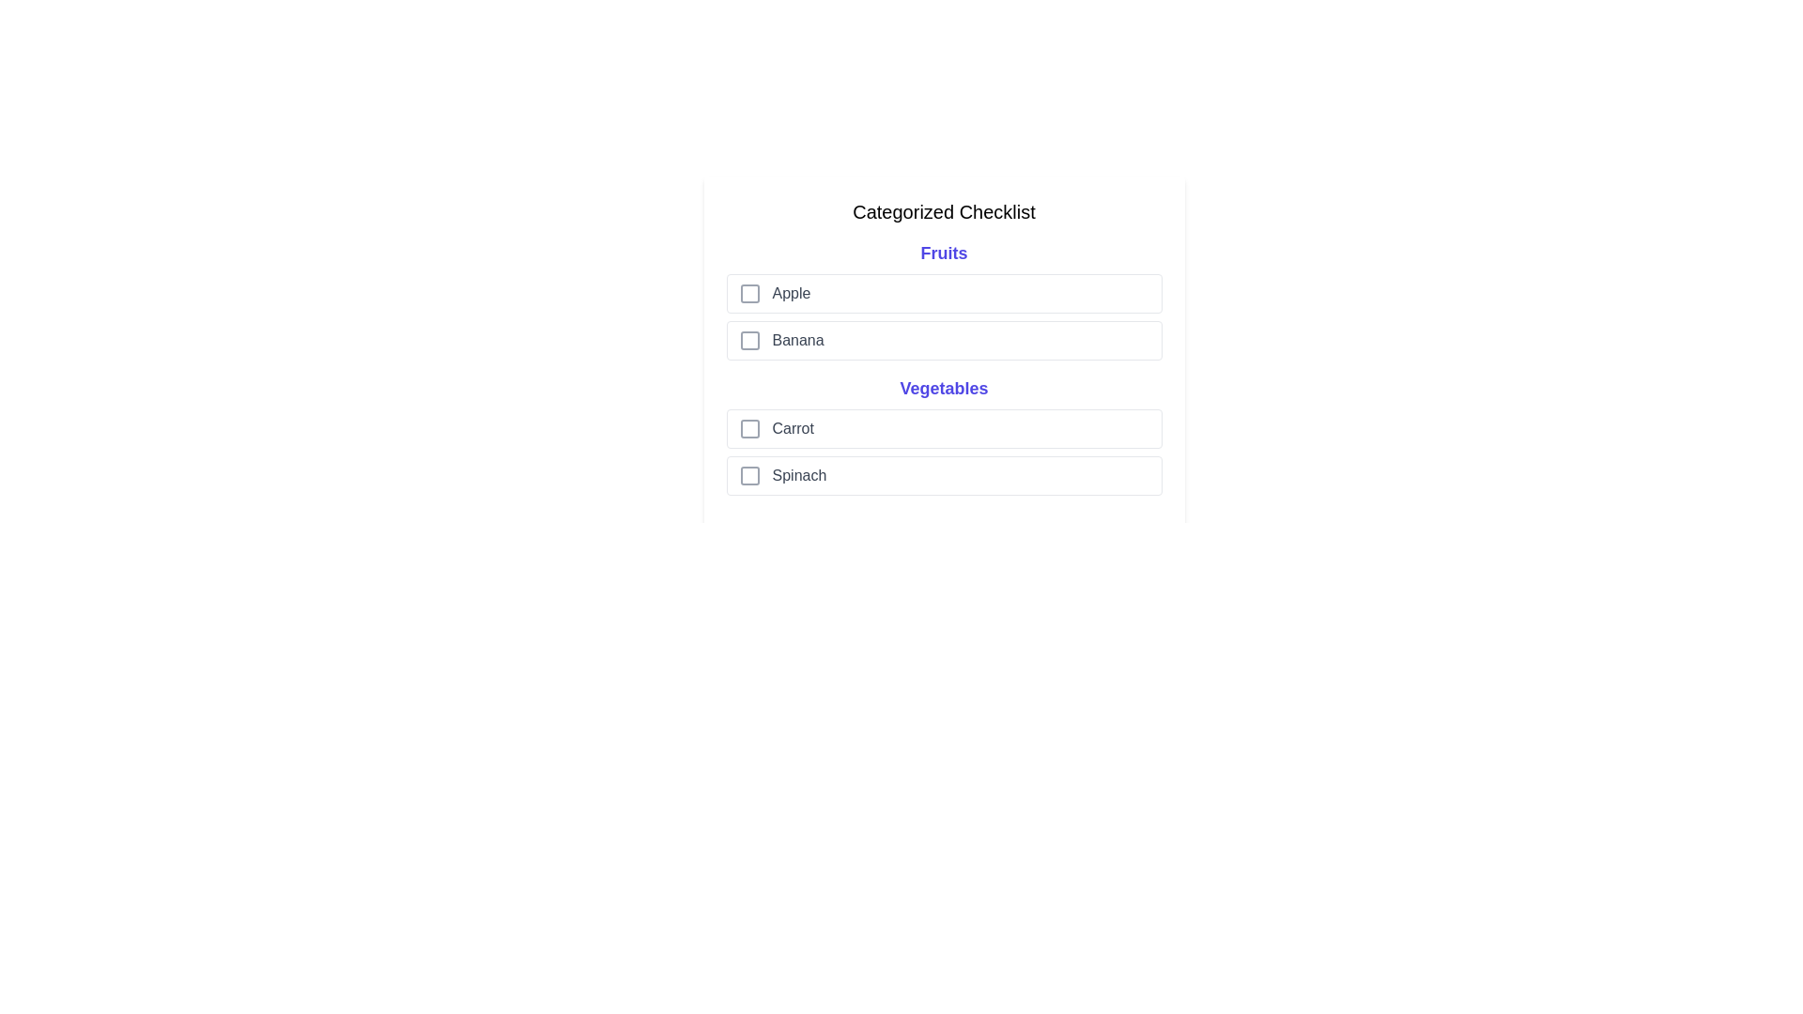  Describe the element at coordinates (944, 253) in the screenshot. I see `the header text labeled 'Fruits', which is styled in bold and indigo color, located at the top of the 'Fruits' category group` at that location.